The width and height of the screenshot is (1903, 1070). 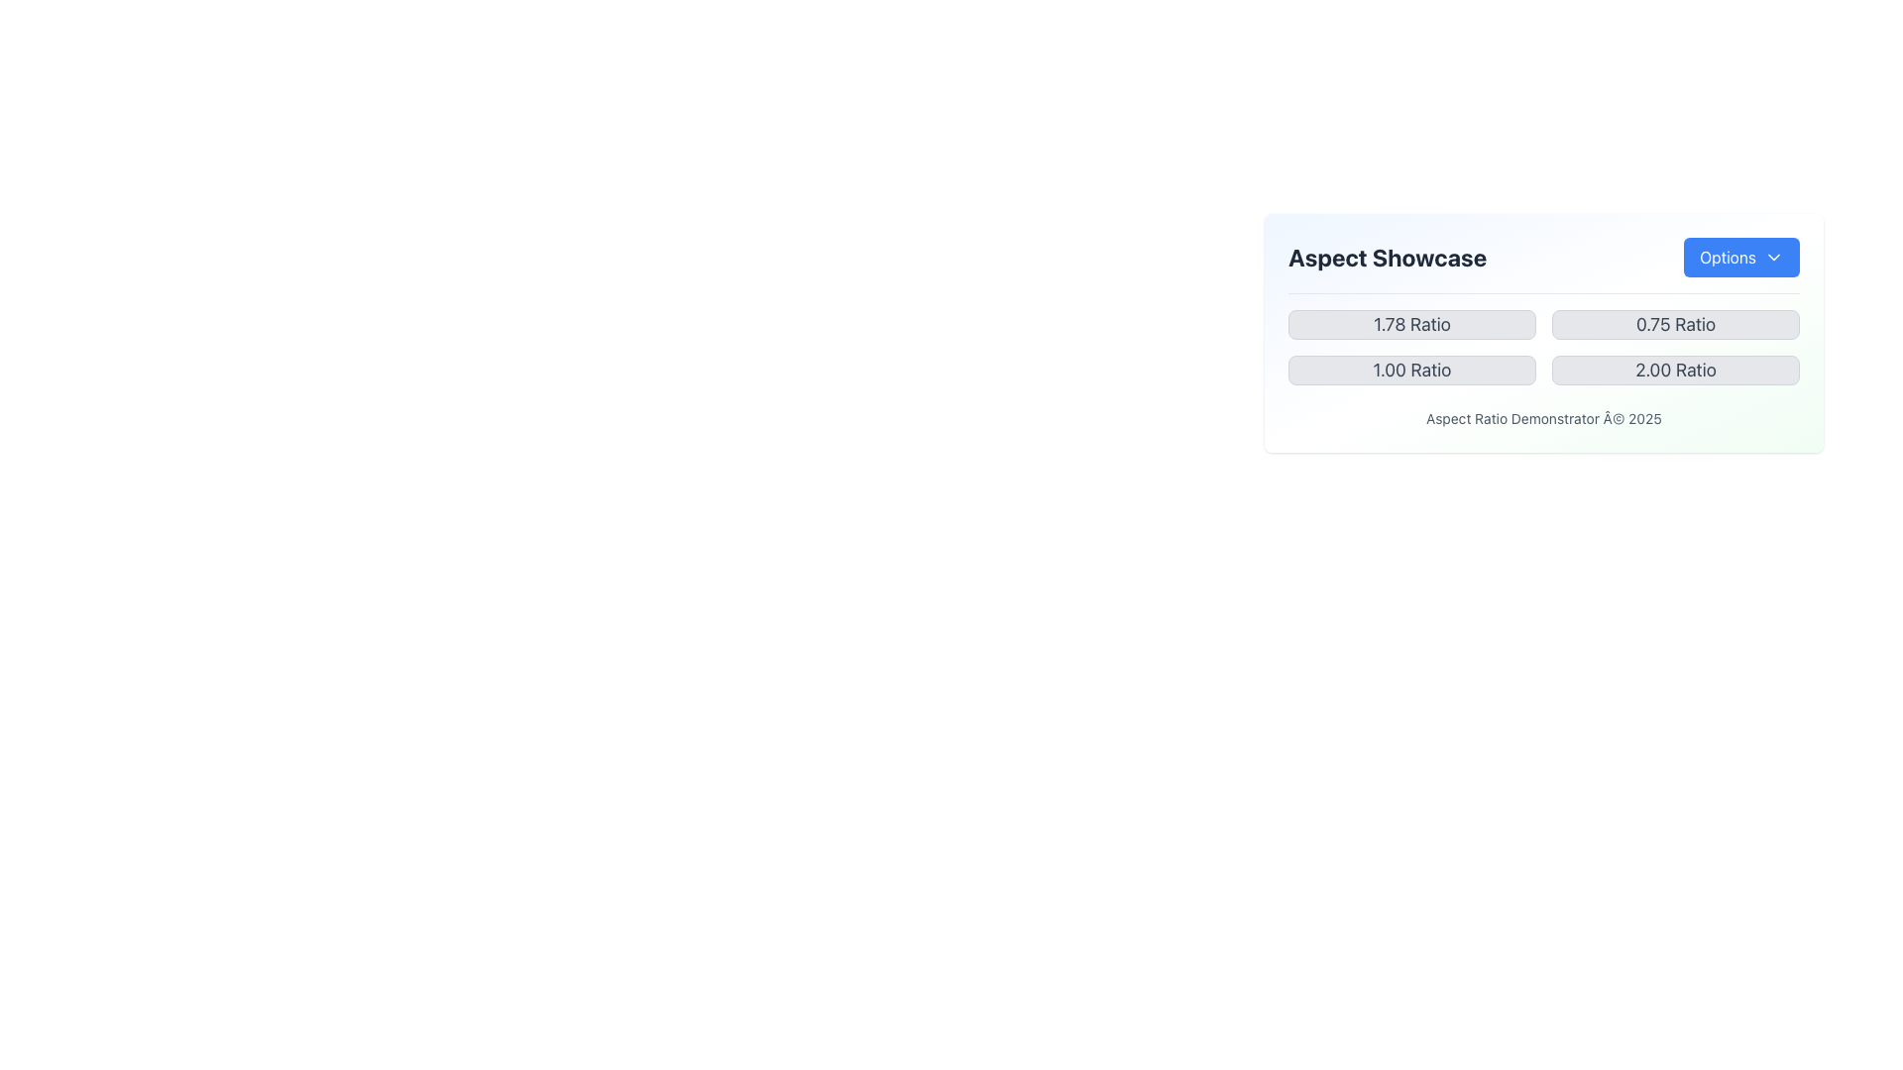 I want to click on the text label displaying '1.78 Ratio', so click(x=1411, y=323).